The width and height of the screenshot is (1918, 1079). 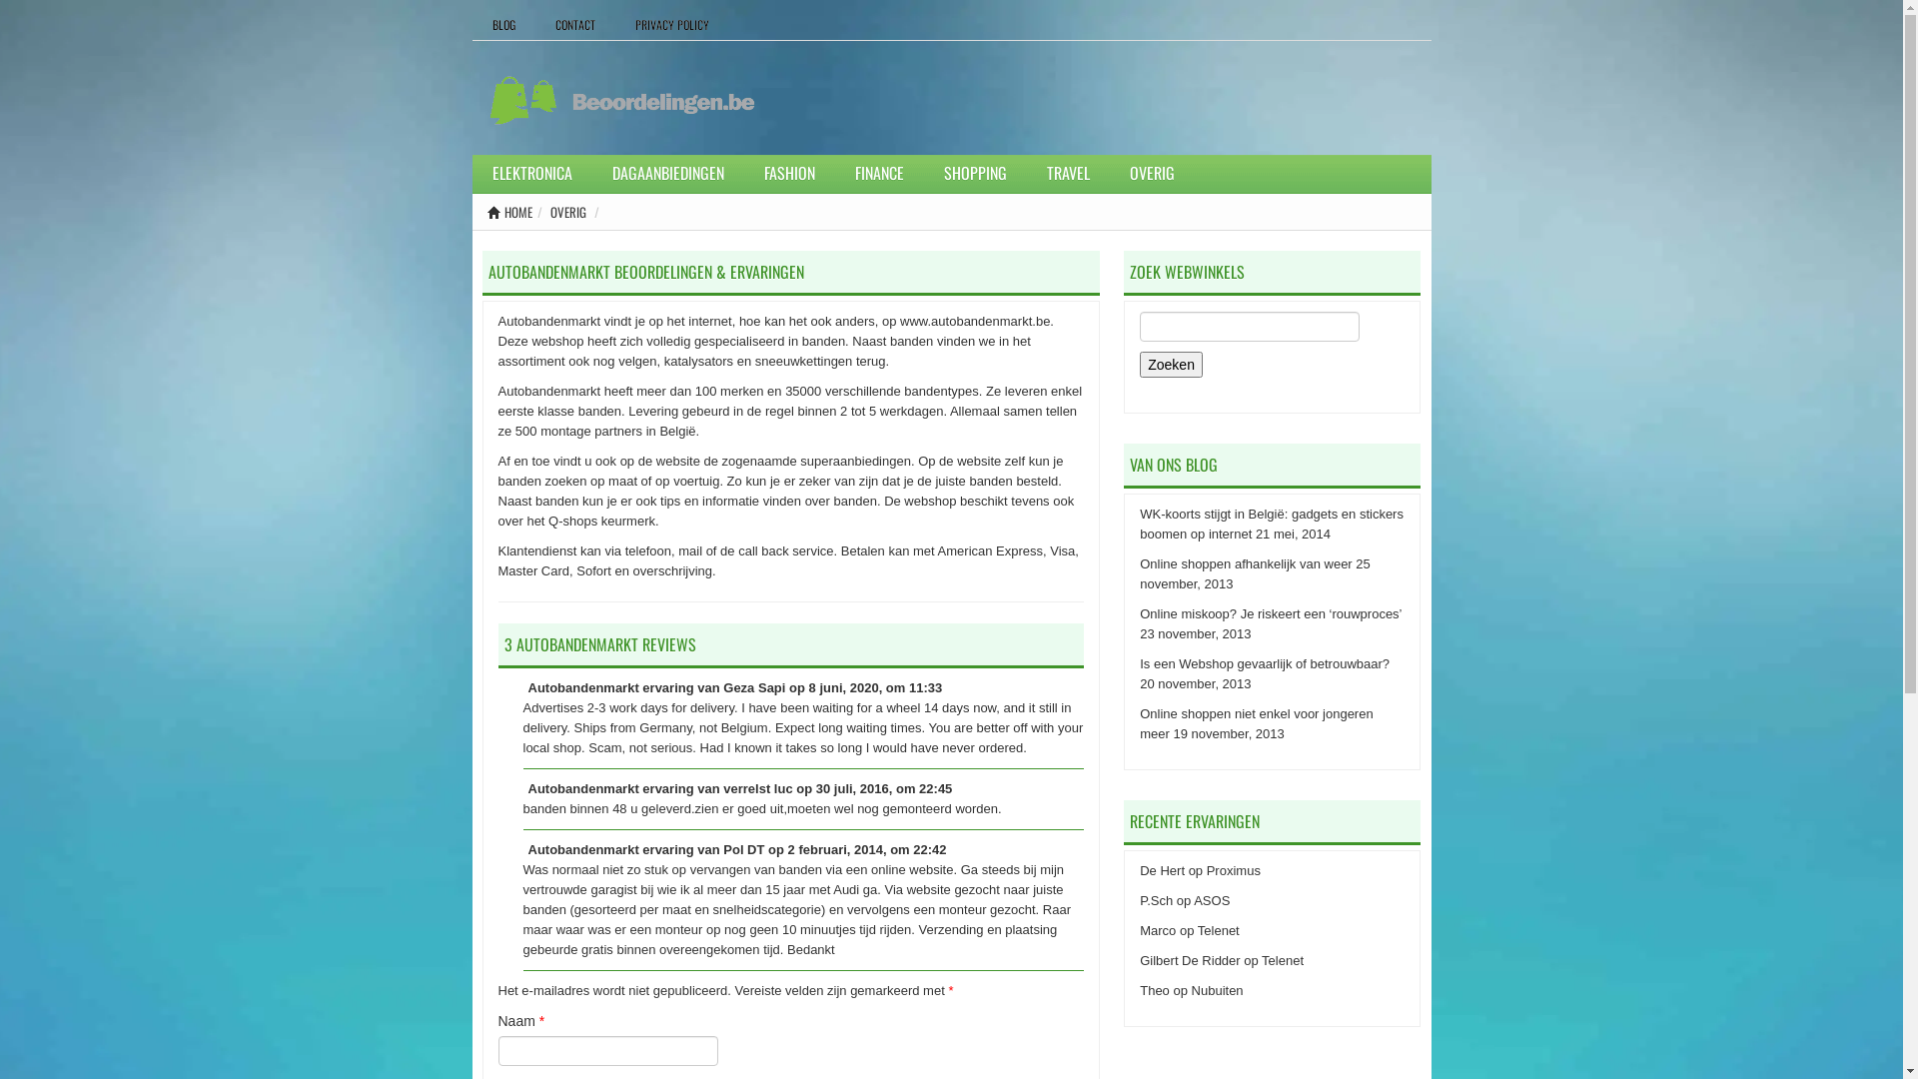 What do you see at coordinates (613, 24) in the screenshot?
I see `'PRIVACY POLICY'` at bounding box center [613, 24].